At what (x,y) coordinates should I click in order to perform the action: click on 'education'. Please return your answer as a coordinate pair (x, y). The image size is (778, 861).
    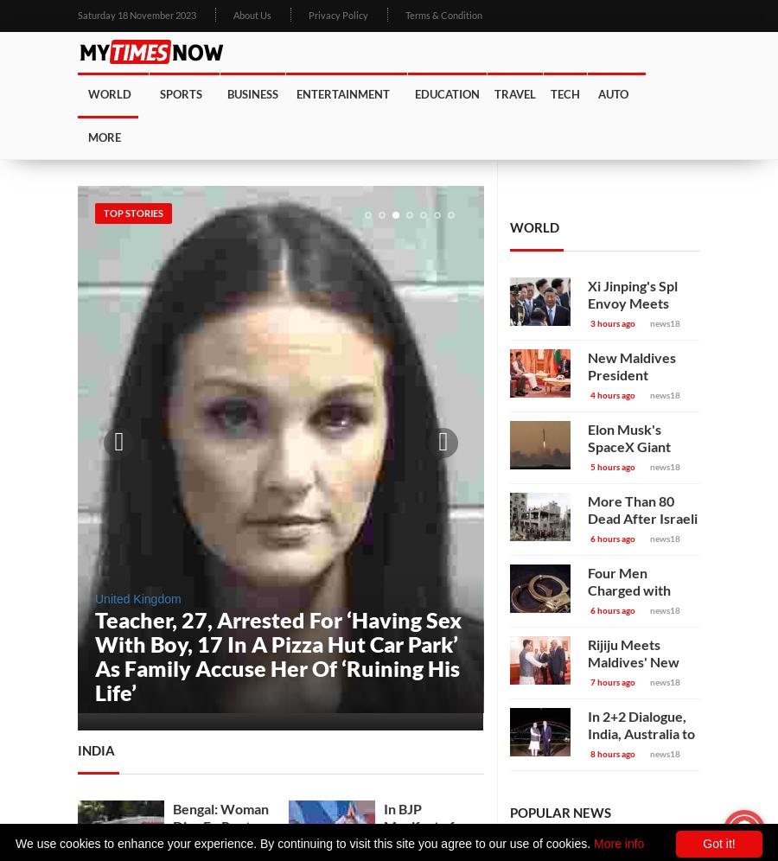
    Looking at the image, I should click on (446, 93).